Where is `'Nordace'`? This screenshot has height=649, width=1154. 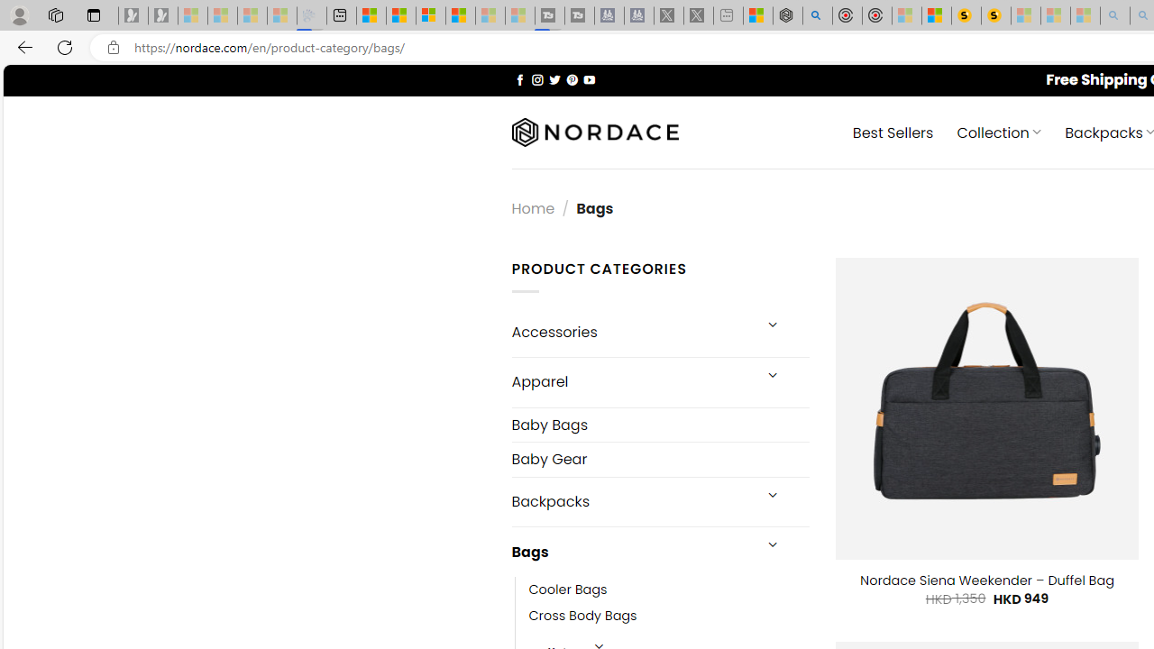
'Nordace' is located at coordinates (594, 132).